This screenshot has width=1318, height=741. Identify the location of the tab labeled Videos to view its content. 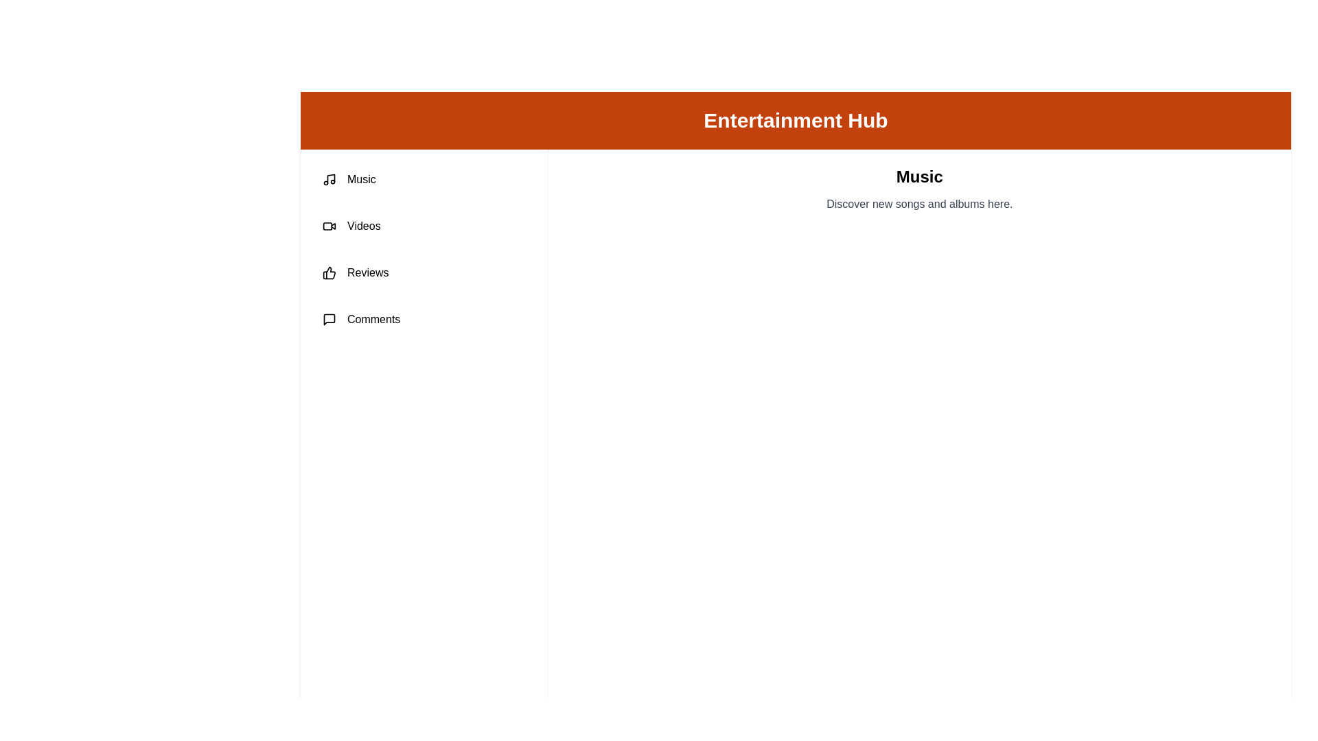
(424, 226).